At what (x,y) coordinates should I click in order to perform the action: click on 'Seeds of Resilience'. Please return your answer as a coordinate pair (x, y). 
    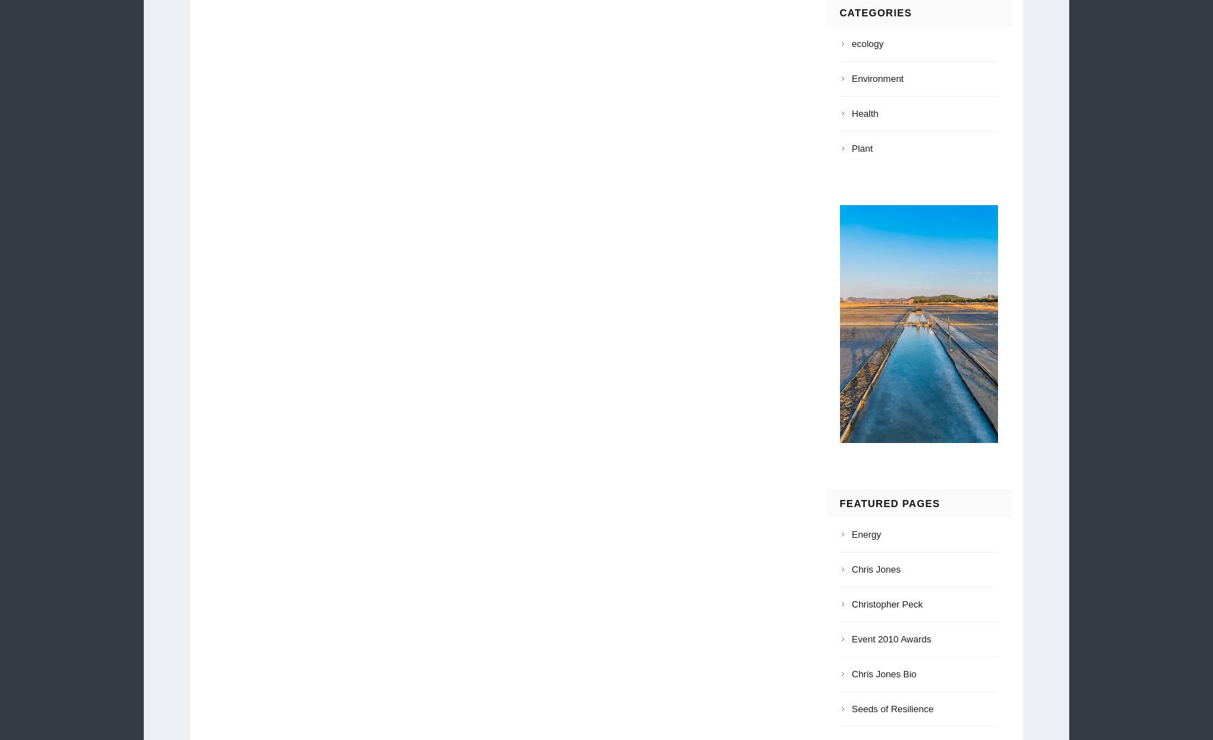
    Looking at the image, I should click on (891, 708).